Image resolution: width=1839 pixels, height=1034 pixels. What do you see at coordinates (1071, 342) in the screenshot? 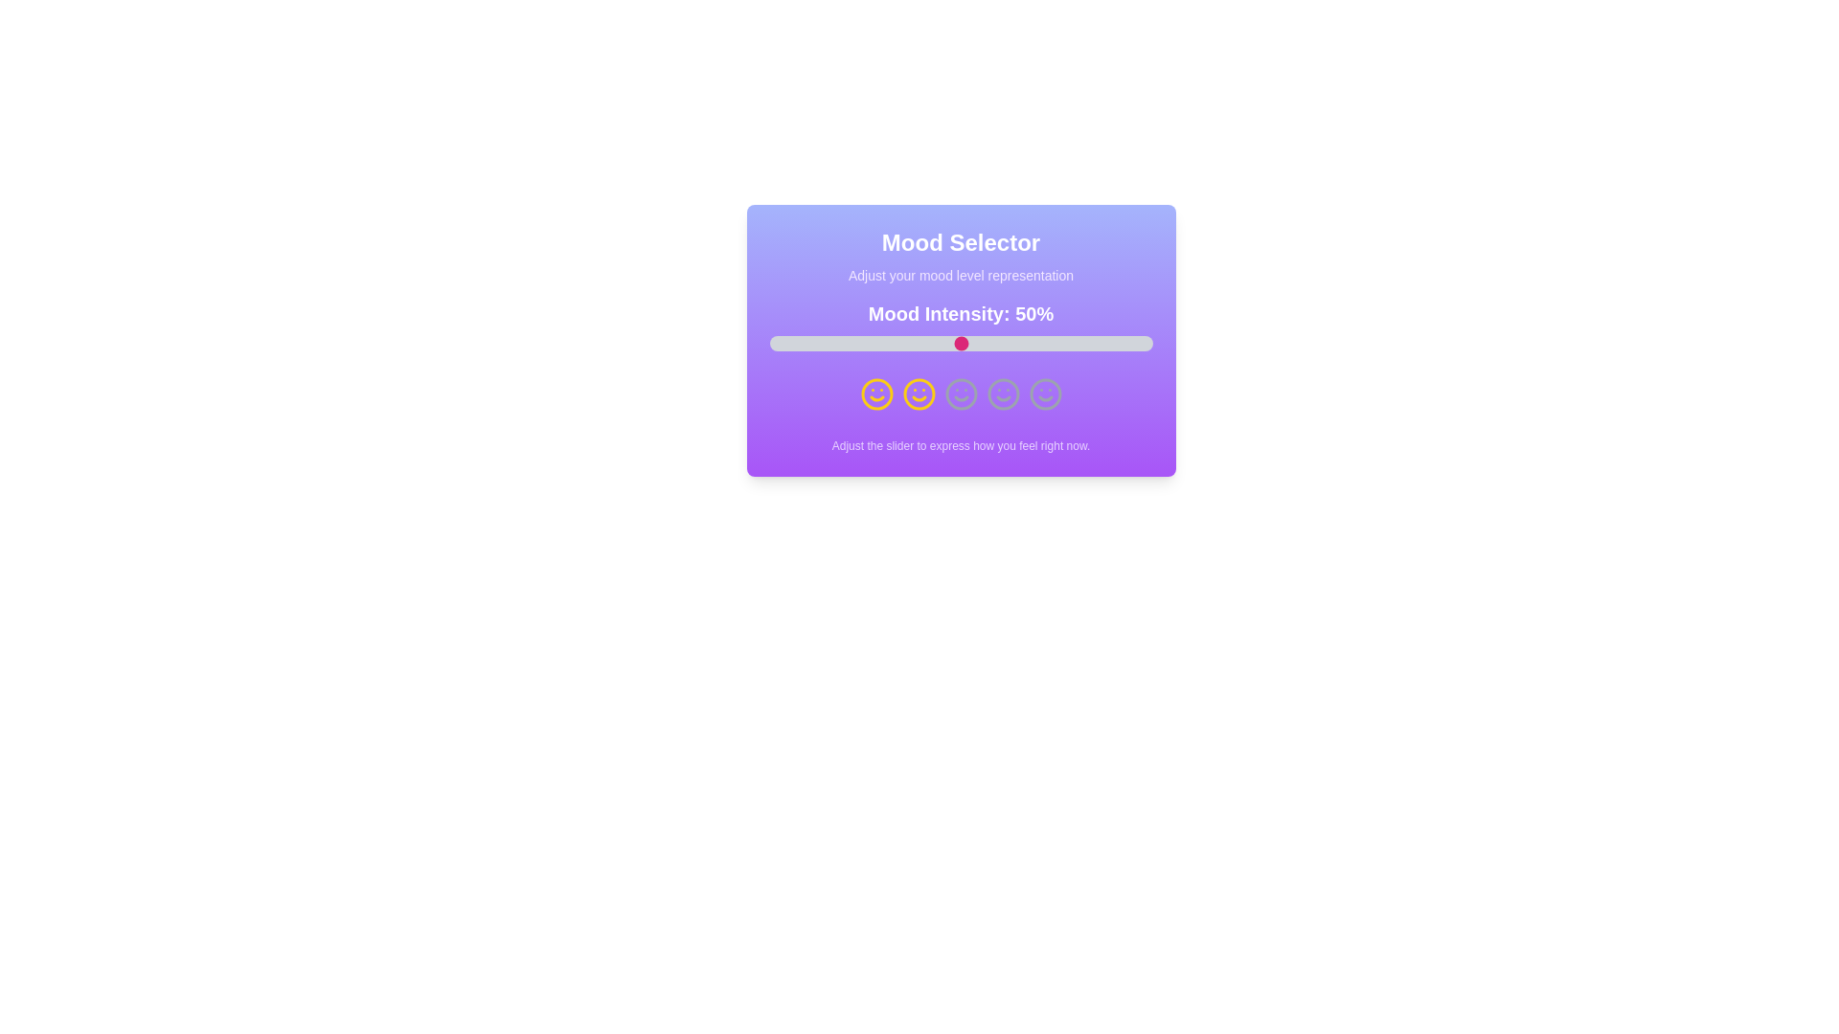
I see `the slider to set the mood intensity to 79%` at bounding box center [1071, 342].